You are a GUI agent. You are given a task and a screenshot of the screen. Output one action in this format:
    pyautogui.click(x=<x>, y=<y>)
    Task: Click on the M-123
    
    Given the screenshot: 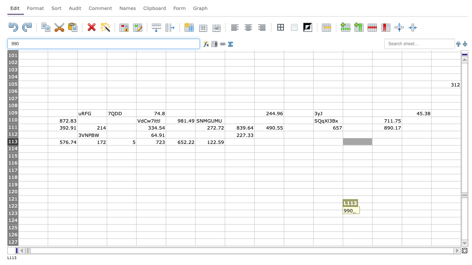 What is the action you would take?
    pyautogui.click(x=386, y=213)
    